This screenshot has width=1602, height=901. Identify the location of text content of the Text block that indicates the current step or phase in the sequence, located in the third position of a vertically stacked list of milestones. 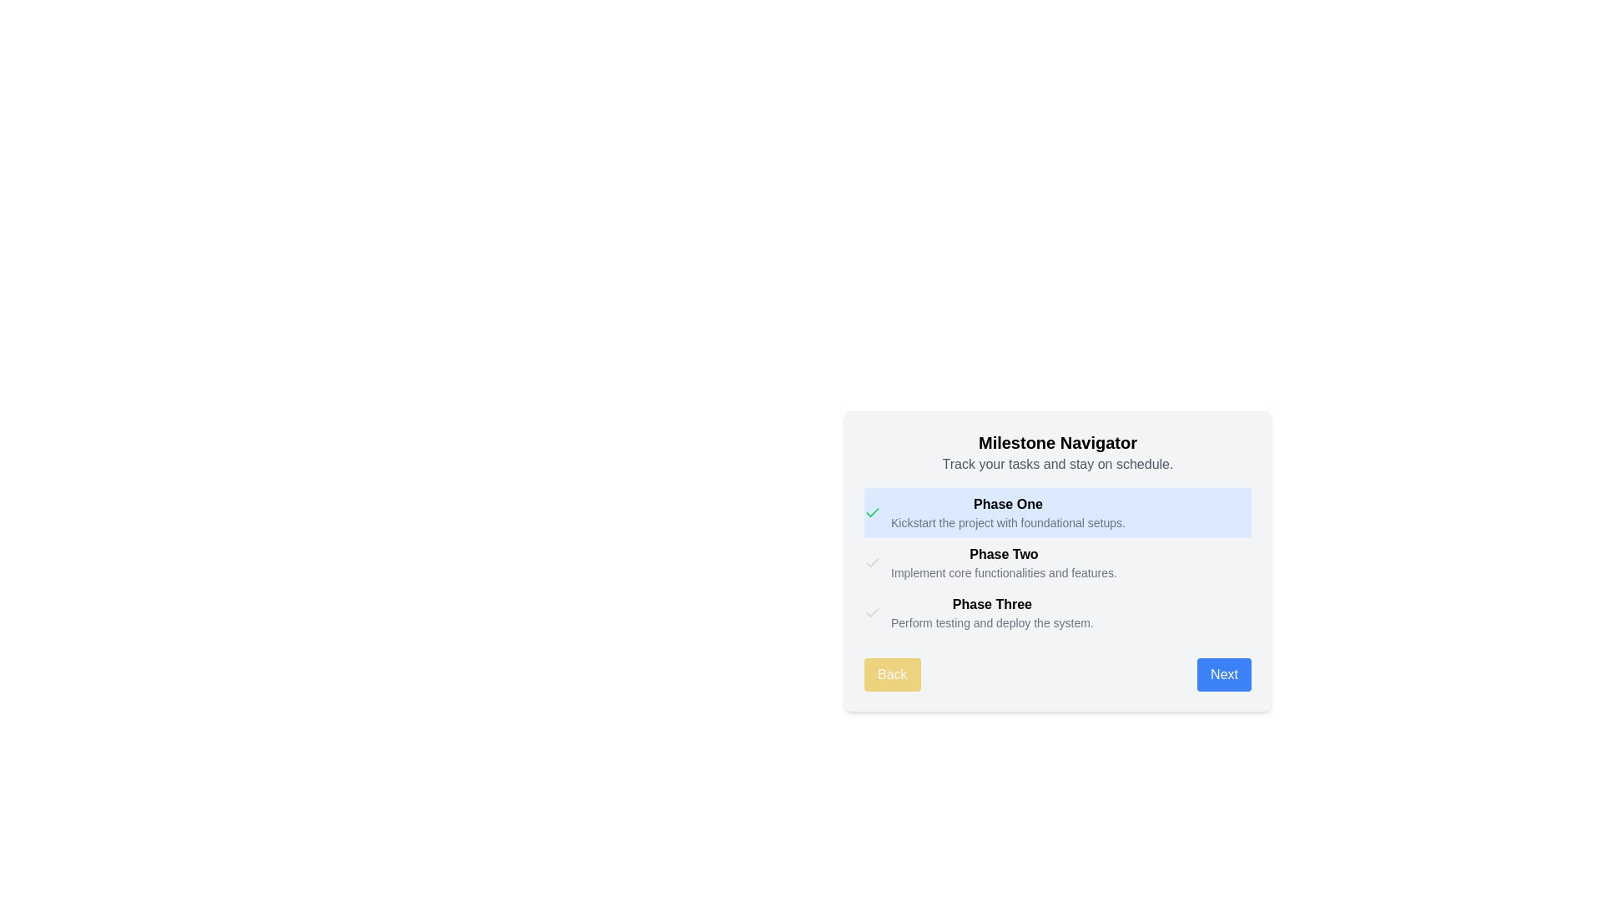
(992, 613).